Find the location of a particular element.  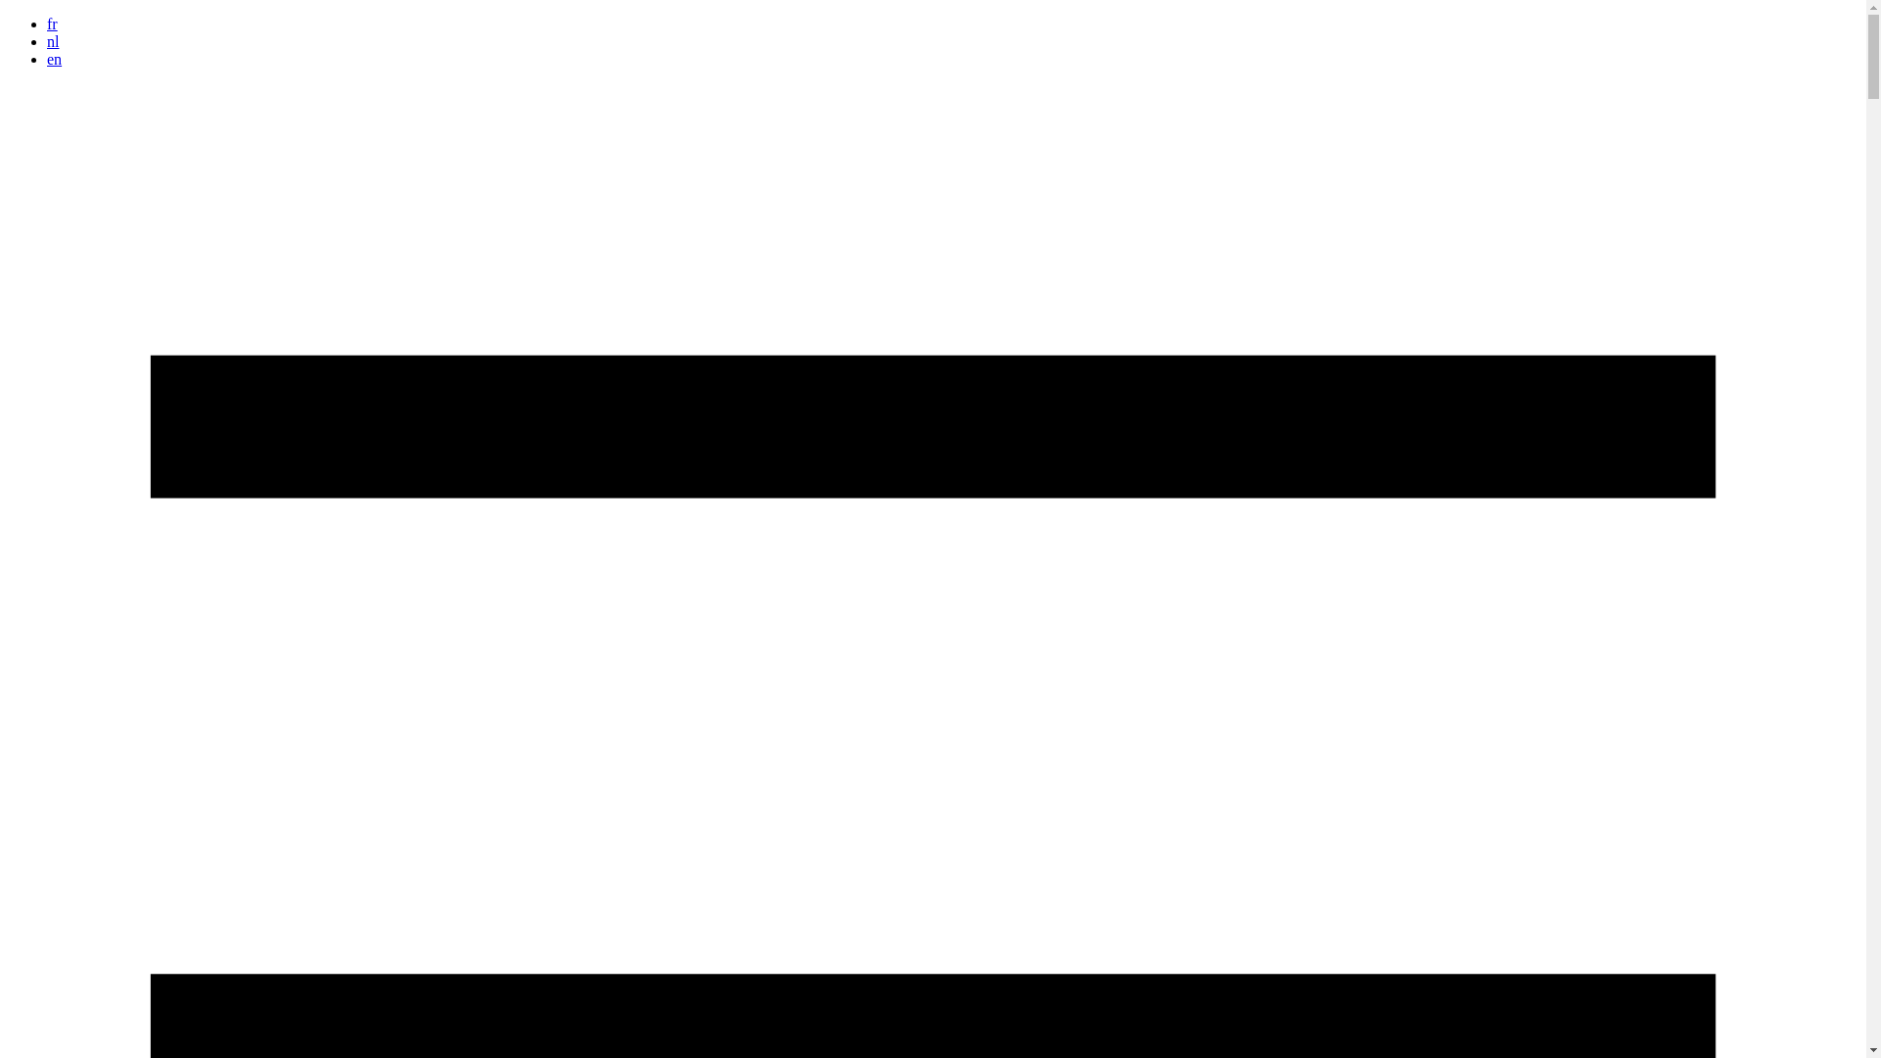

'fr' is located at coordinates (52, 24).